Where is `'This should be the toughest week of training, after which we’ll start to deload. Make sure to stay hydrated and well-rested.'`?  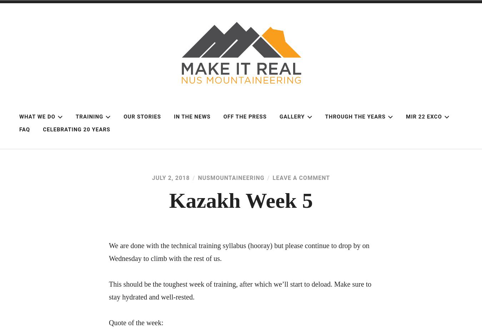 'This should be the toughest week of training, after which we’ll start to deload. Make sure to stay hydrated and well-rested.' is located at coordinates (240, 290).